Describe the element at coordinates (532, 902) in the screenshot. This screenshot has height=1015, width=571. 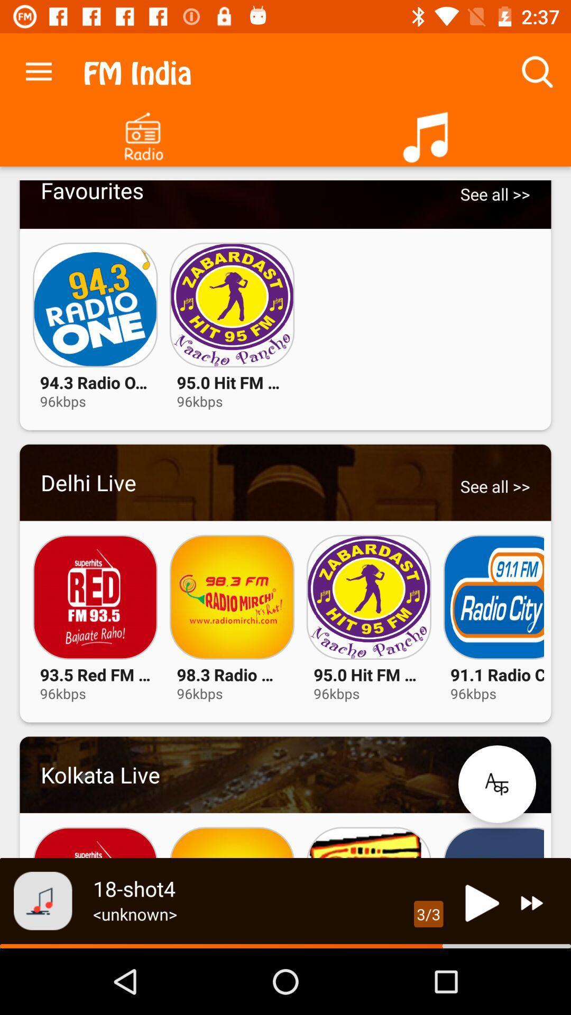
I see `the fast forward icon` at that location.